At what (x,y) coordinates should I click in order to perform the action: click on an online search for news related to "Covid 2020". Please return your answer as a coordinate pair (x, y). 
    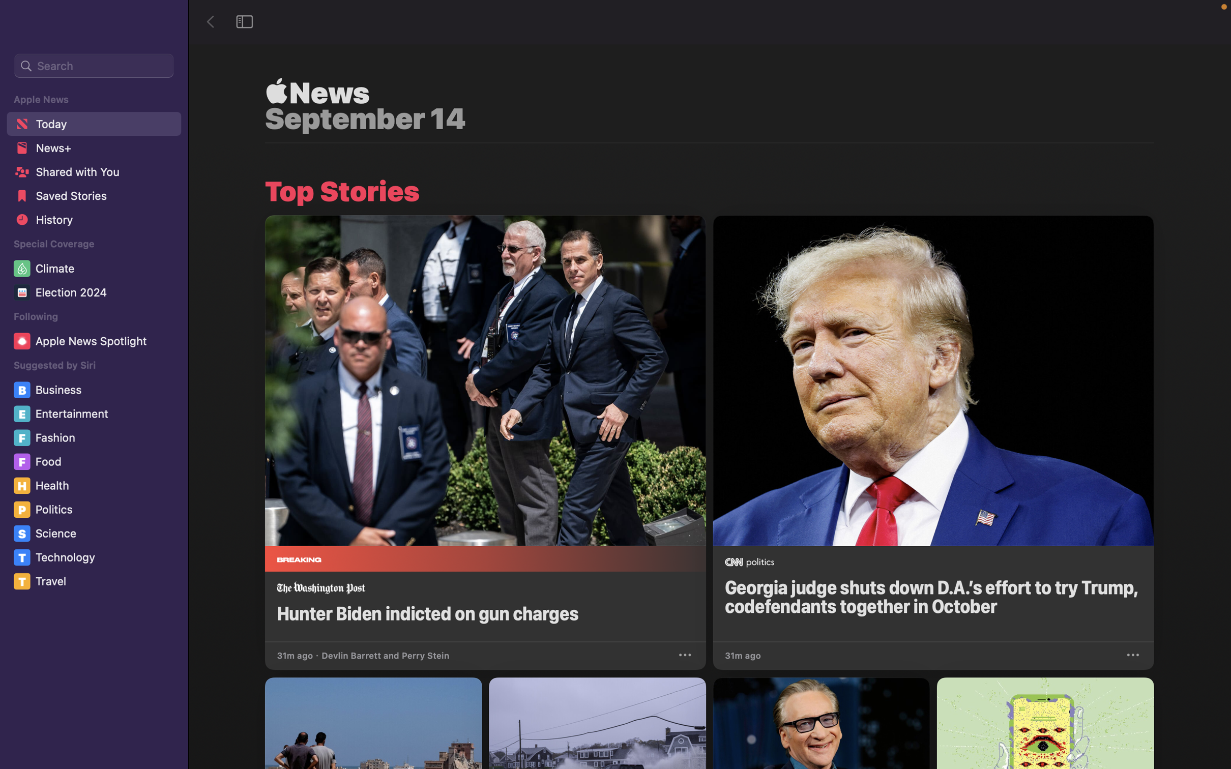
    Looking at the image, I should click on (94, 66).